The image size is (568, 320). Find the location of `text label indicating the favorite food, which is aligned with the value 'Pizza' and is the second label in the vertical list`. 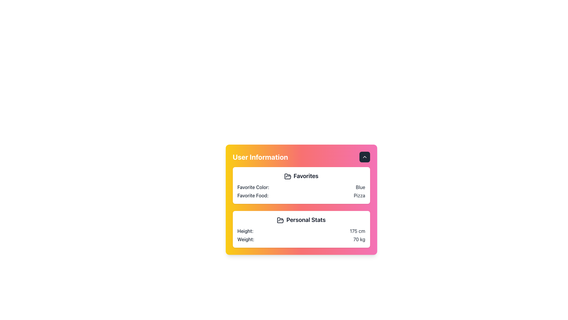

text label indicating the favorite food, which is aligned with the value 'Pizza' and is the second label in the vertical list is located at coordinates (253, 195).